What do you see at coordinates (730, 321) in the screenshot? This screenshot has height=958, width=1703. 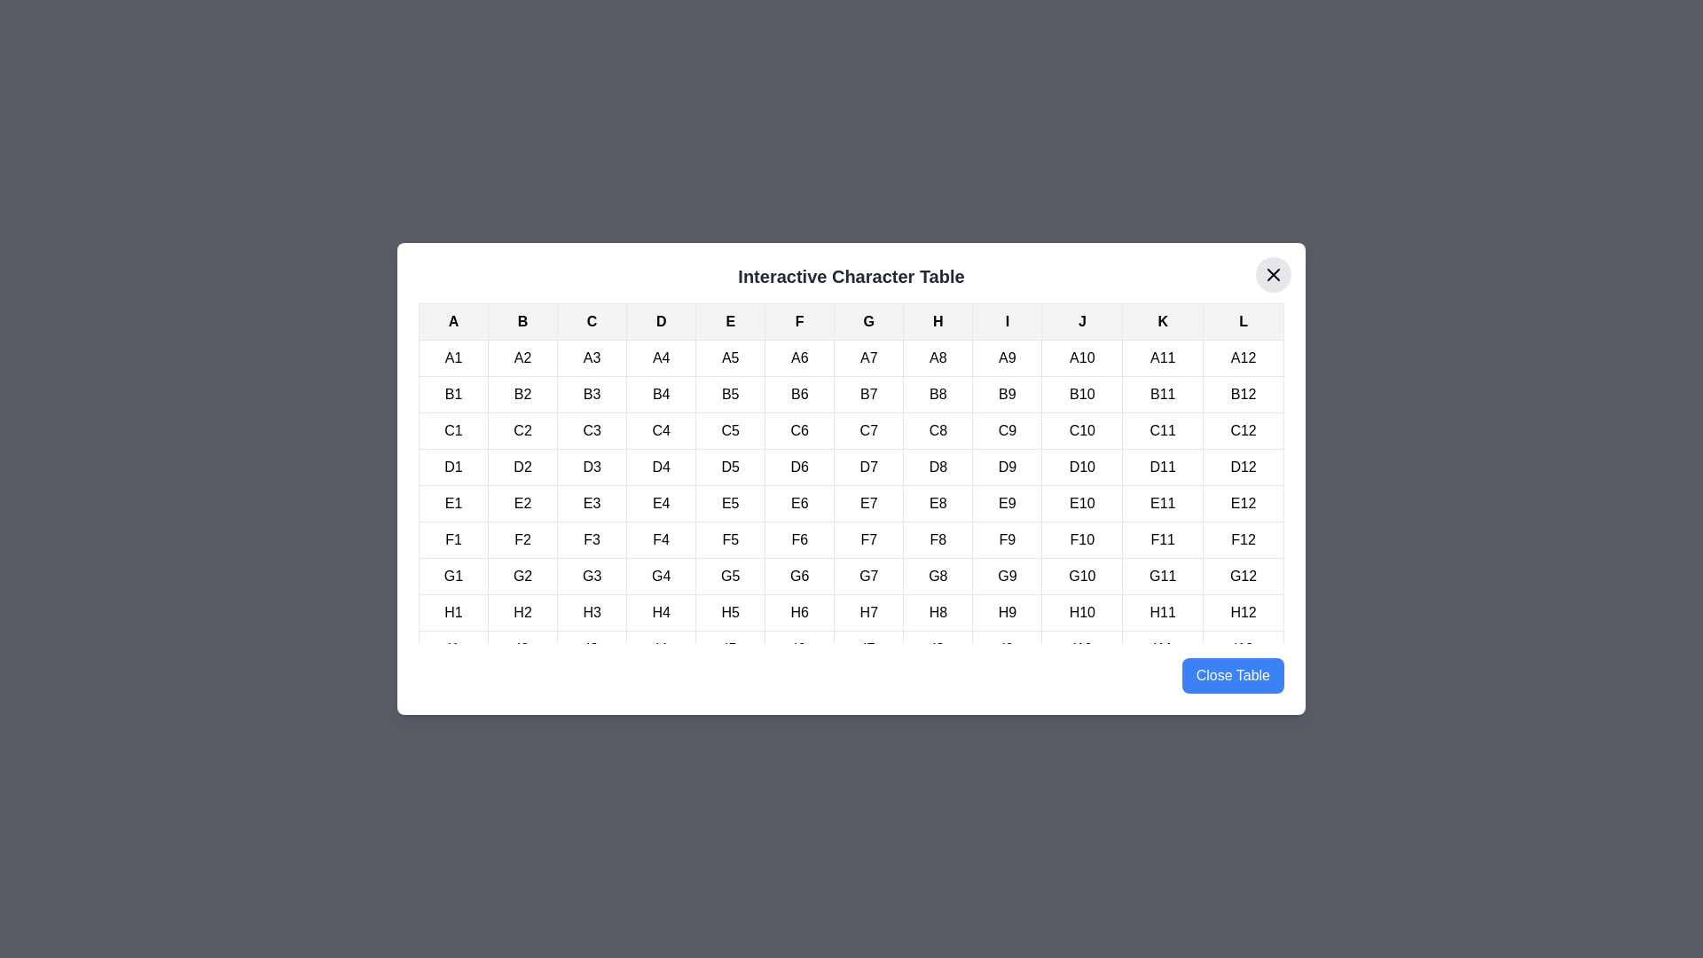 I see `the table header cell labeled E to highlight its column` at bounding box center [730, 321].